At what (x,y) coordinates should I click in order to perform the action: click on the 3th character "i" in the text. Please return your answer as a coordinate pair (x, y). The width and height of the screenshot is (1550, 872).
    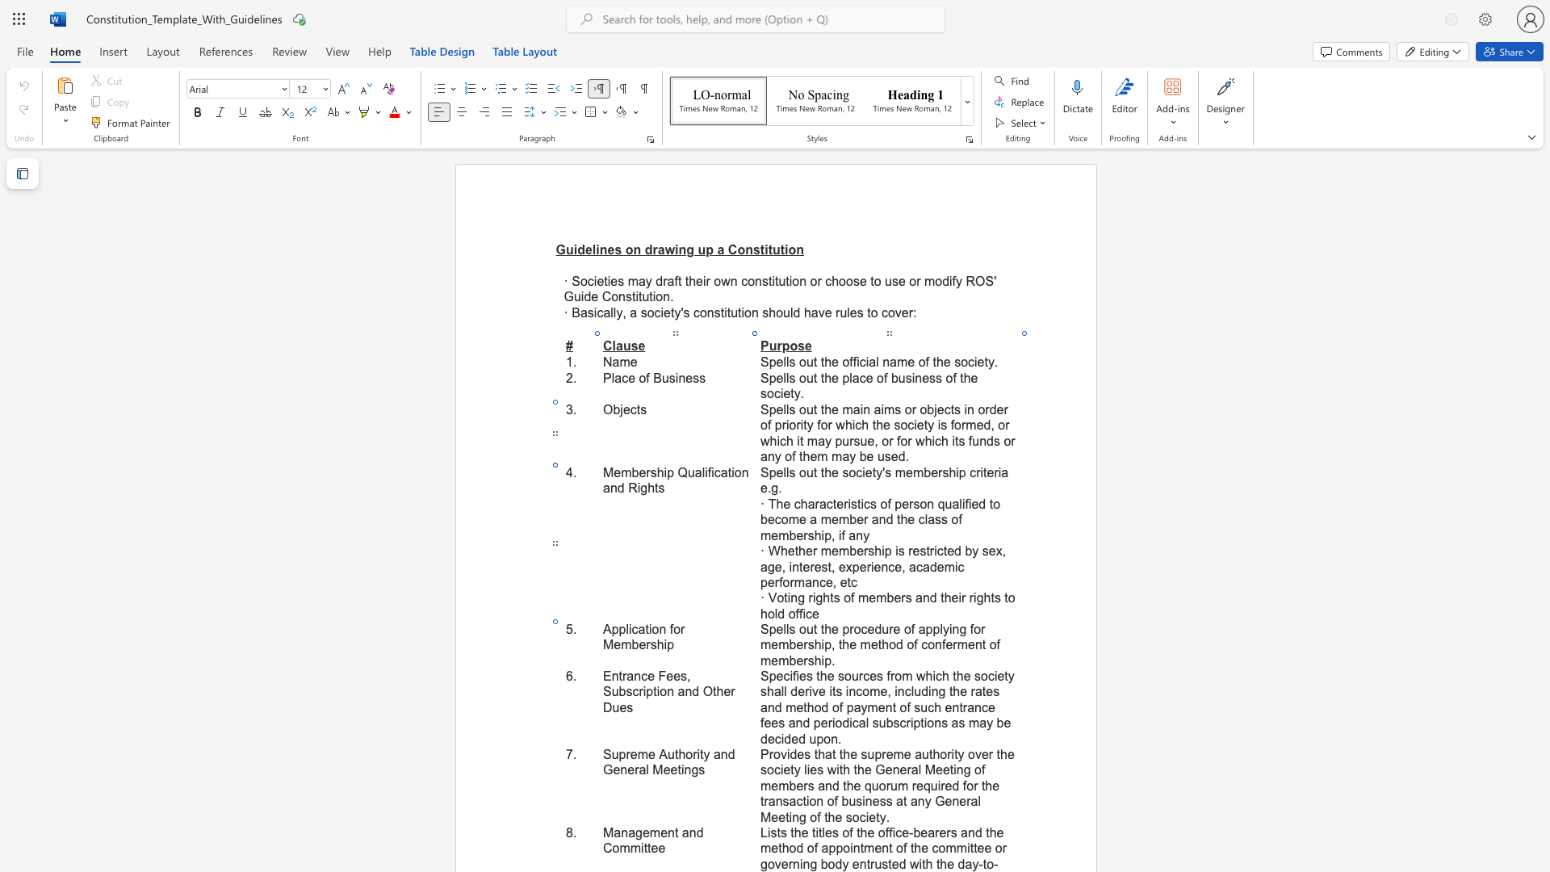
    Looking at the image, I should click on (665, 644).